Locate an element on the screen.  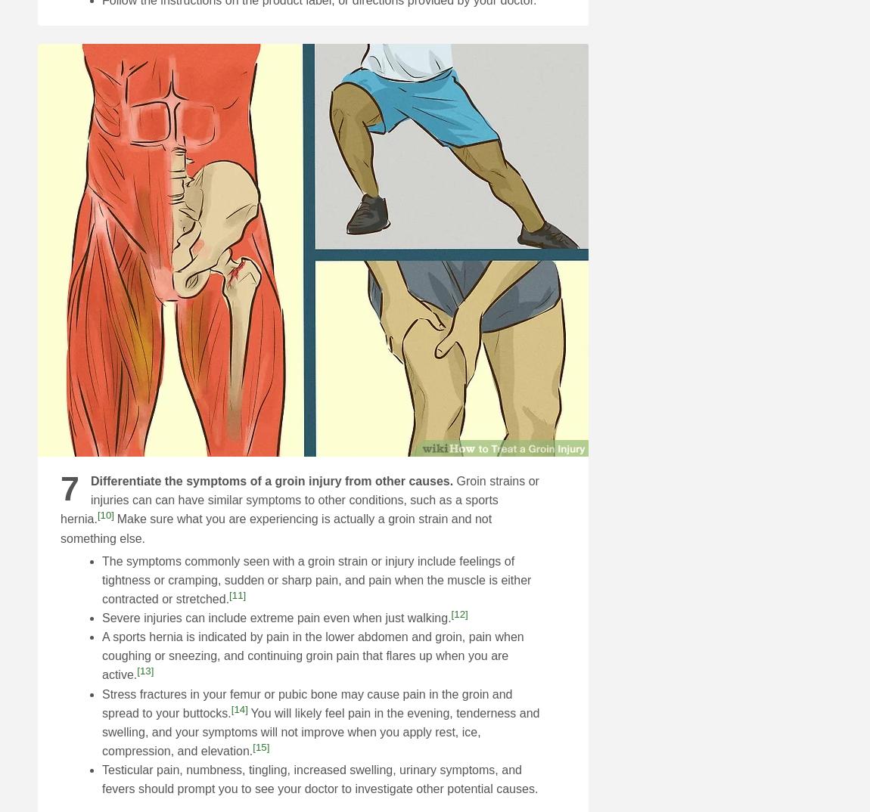
'[15]' is located at coordinates (261, 745).